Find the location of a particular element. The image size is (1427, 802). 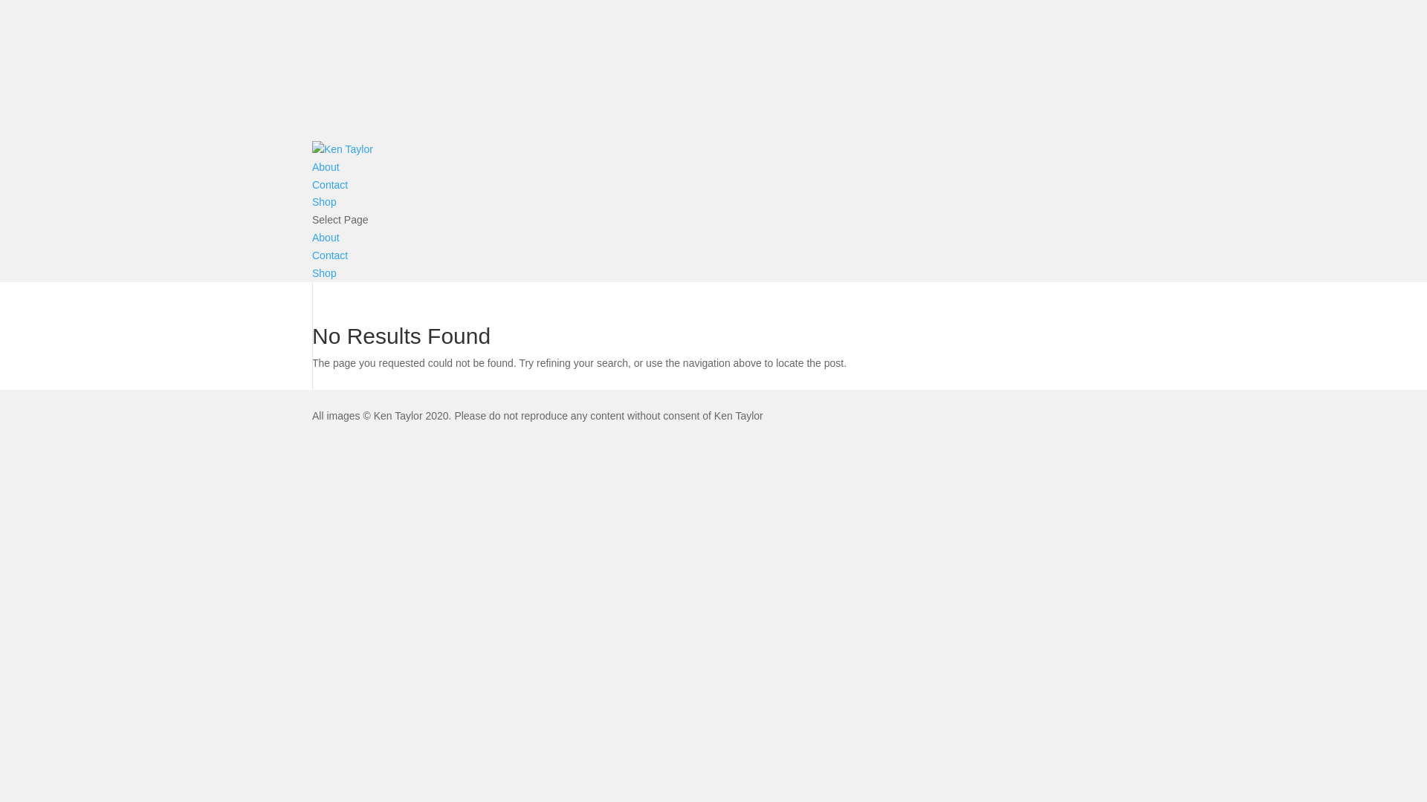

'Contact' is located at coordinates (329, 254).